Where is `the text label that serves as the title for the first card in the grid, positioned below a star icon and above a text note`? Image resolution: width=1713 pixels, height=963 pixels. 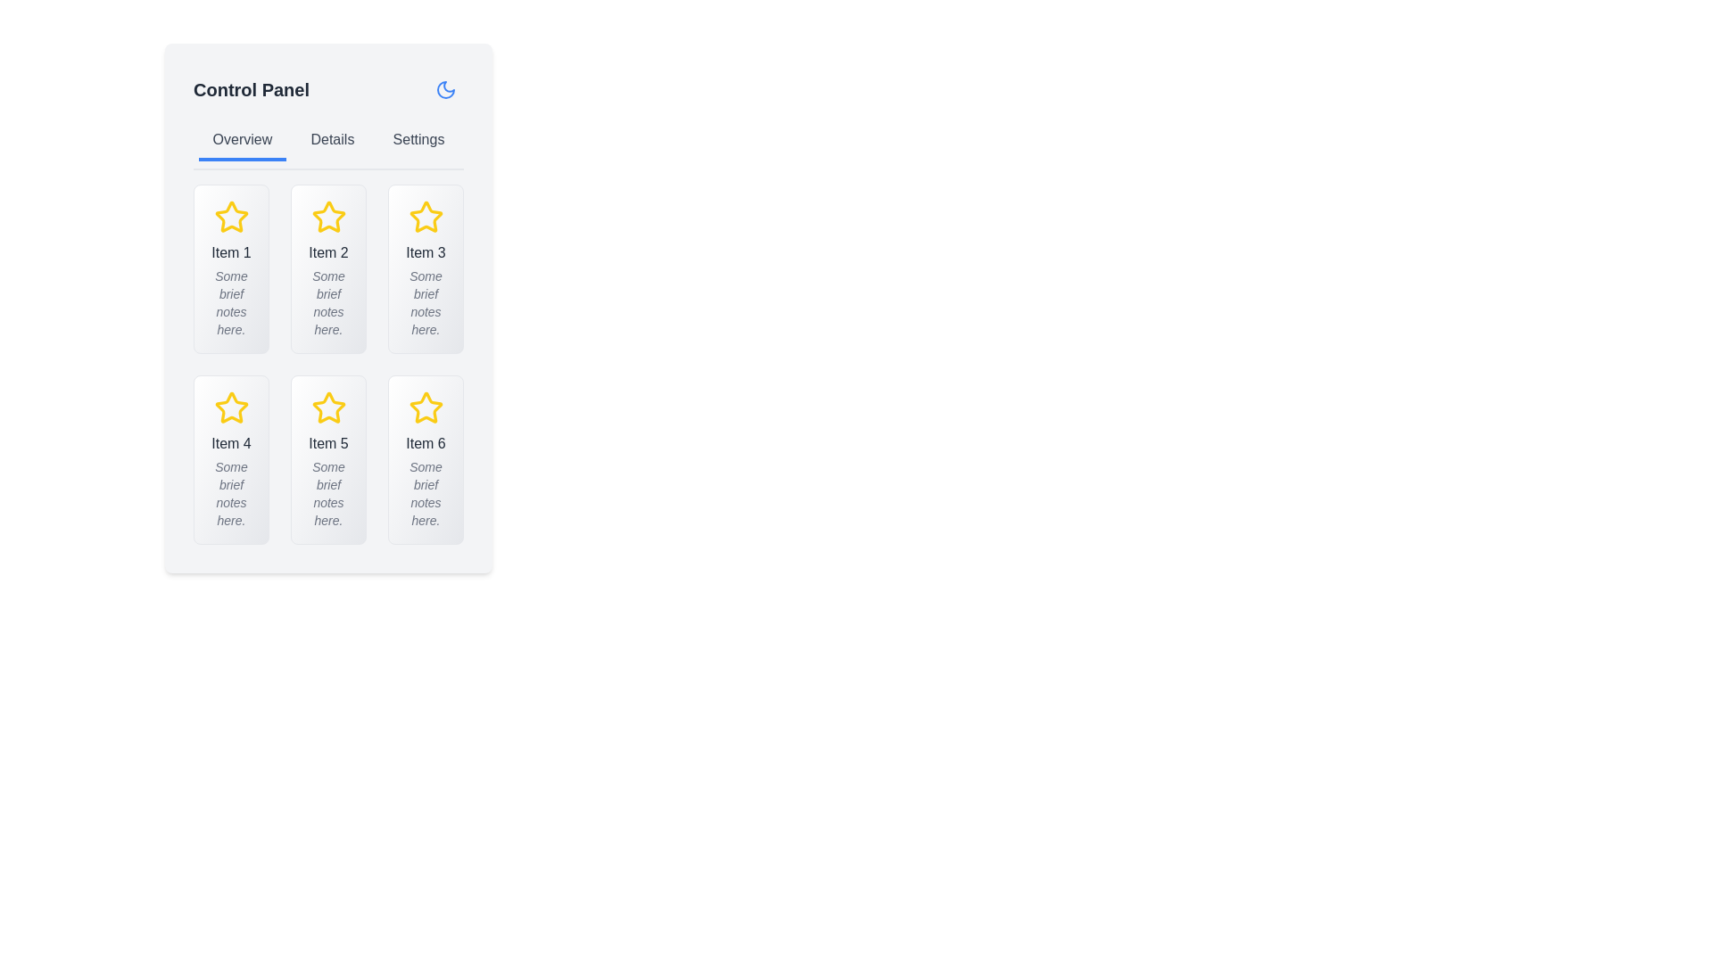 the text label that serves as the title for the first card in the grid, positioned below a star icon and above a text note is located at coordinates (230, 253).